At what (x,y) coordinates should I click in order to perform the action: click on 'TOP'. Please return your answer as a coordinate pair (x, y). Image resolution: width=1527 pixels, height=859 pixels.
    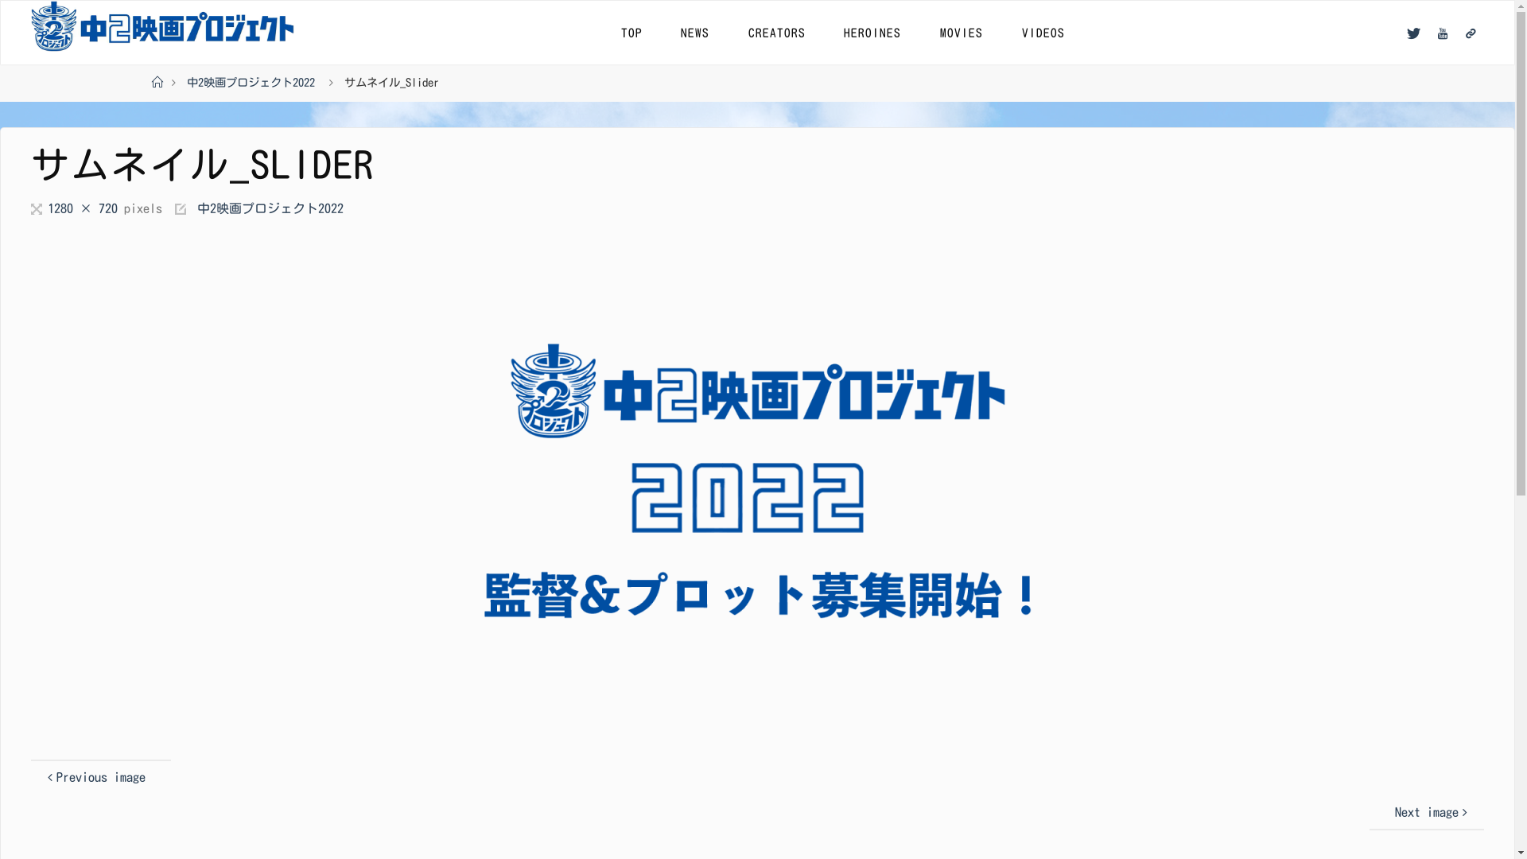
    Looking at the image, I should click on (600, 33).